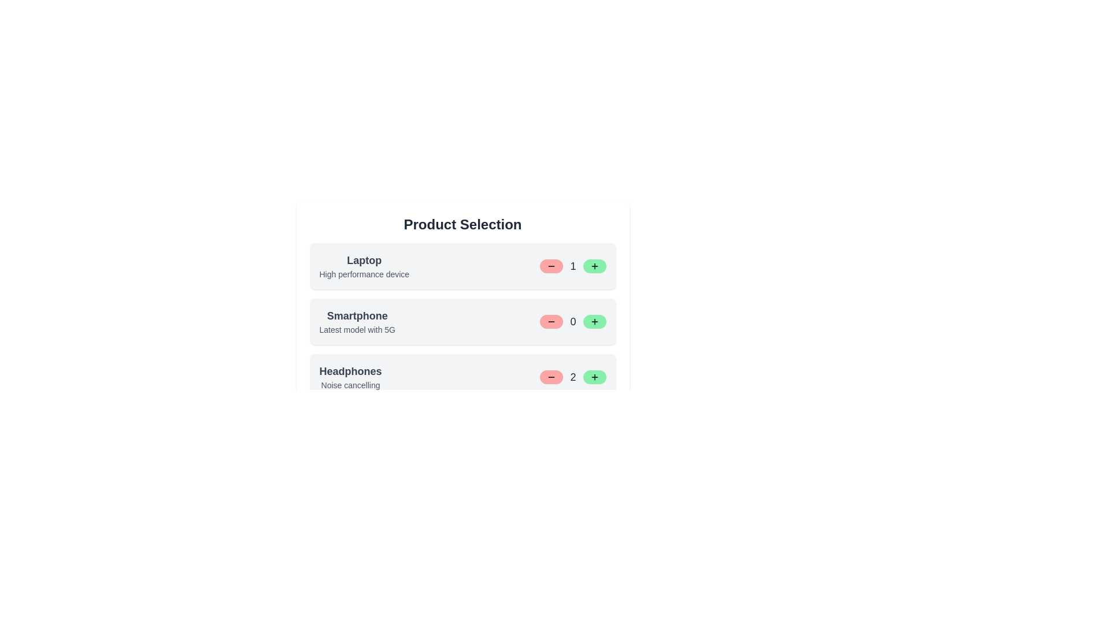 The width and height of the screenshot is (1110, 624). I want to click on minus button for the product identified by Laptop, so click(551, 266).